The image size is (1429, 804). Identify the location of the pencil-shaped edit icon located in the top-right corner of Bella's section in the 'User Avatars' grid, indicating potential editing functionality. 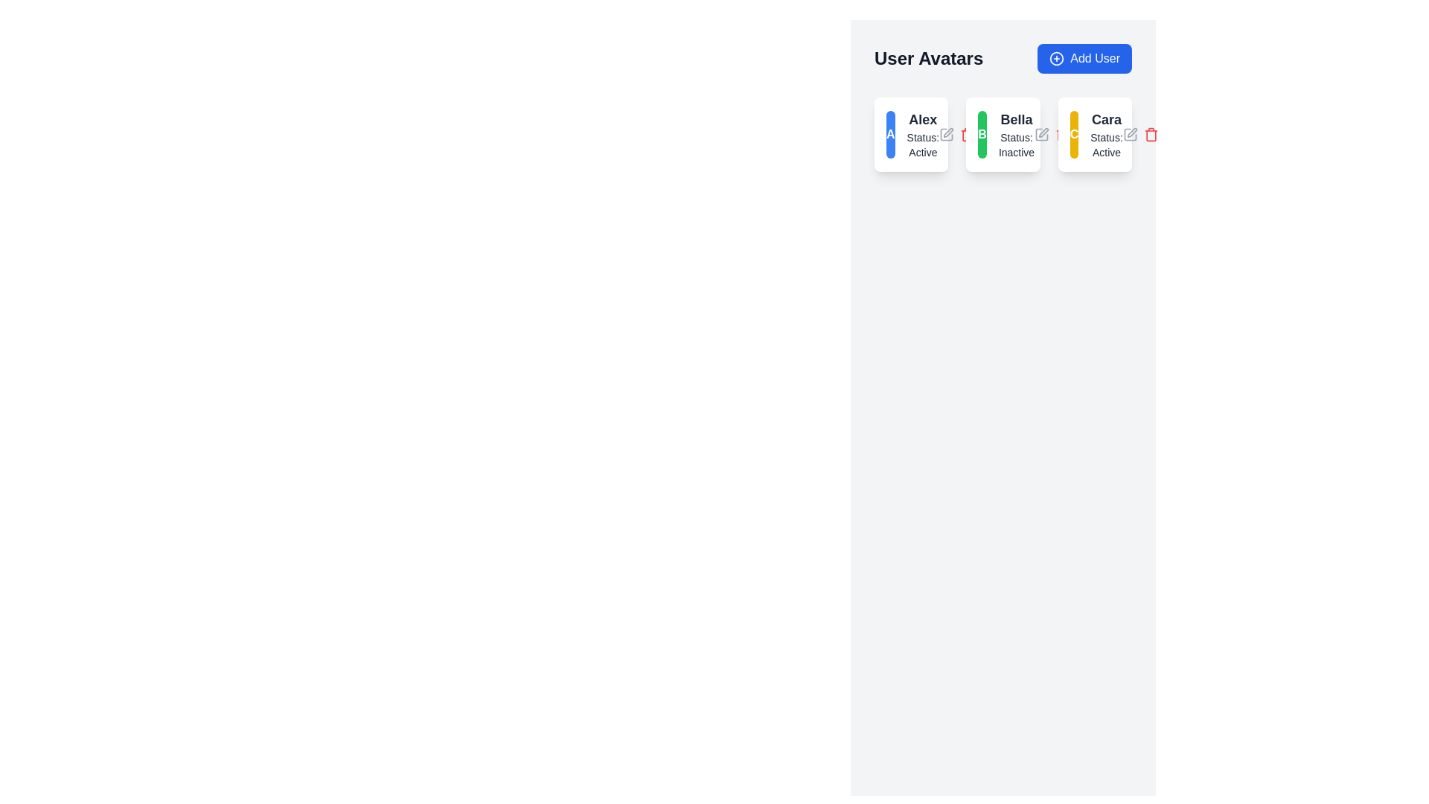
(1043, 132).